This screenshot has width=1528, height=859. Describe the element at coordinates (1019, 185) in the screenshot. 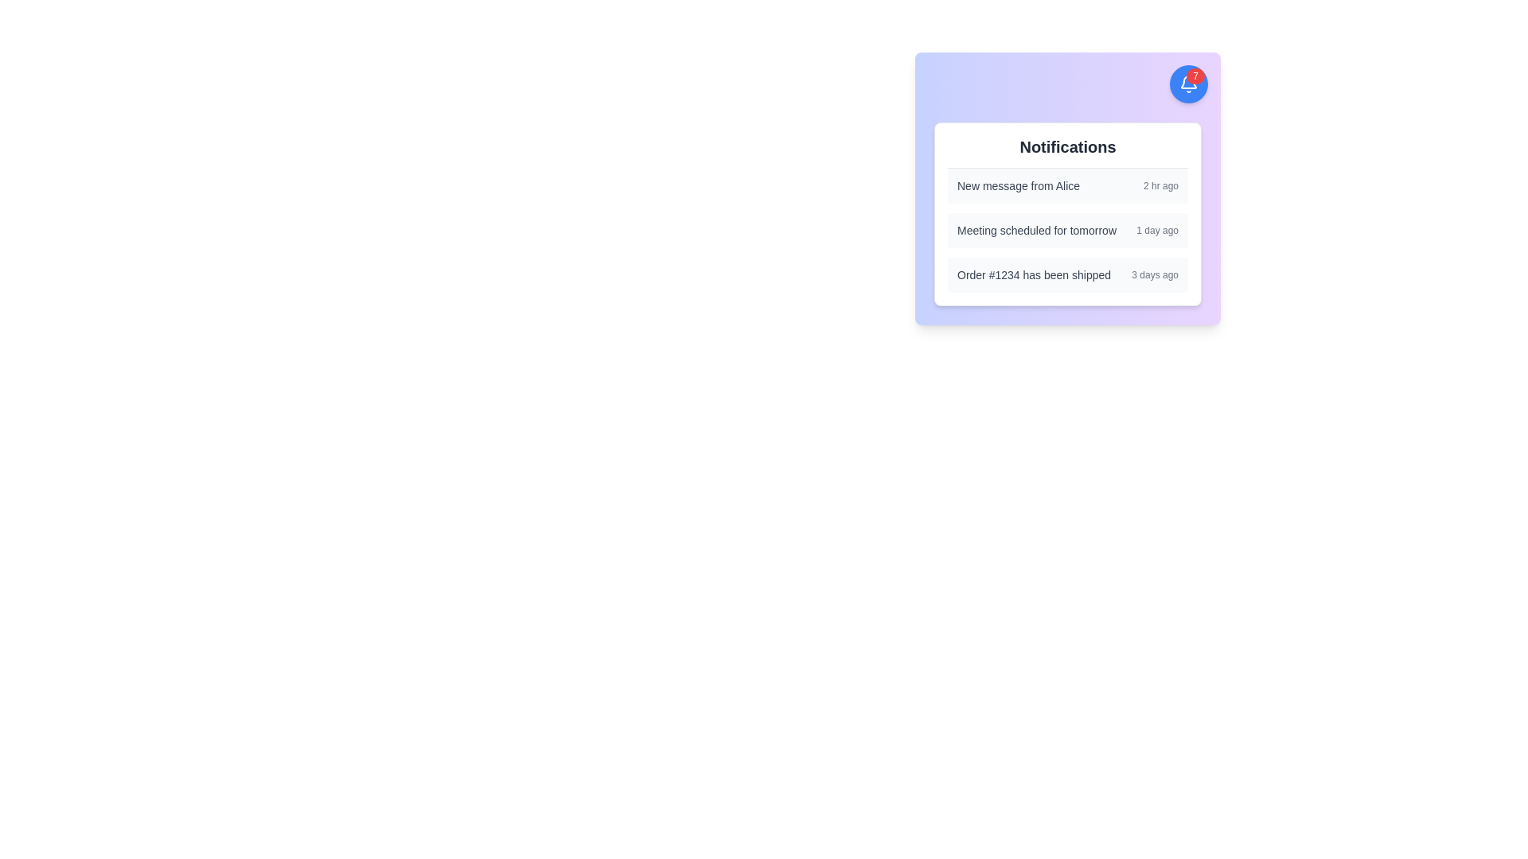

I see `the static text label that displays 'New message from Alice', which is styled in a small font size and medium gray color, located in the notification section` at that location.